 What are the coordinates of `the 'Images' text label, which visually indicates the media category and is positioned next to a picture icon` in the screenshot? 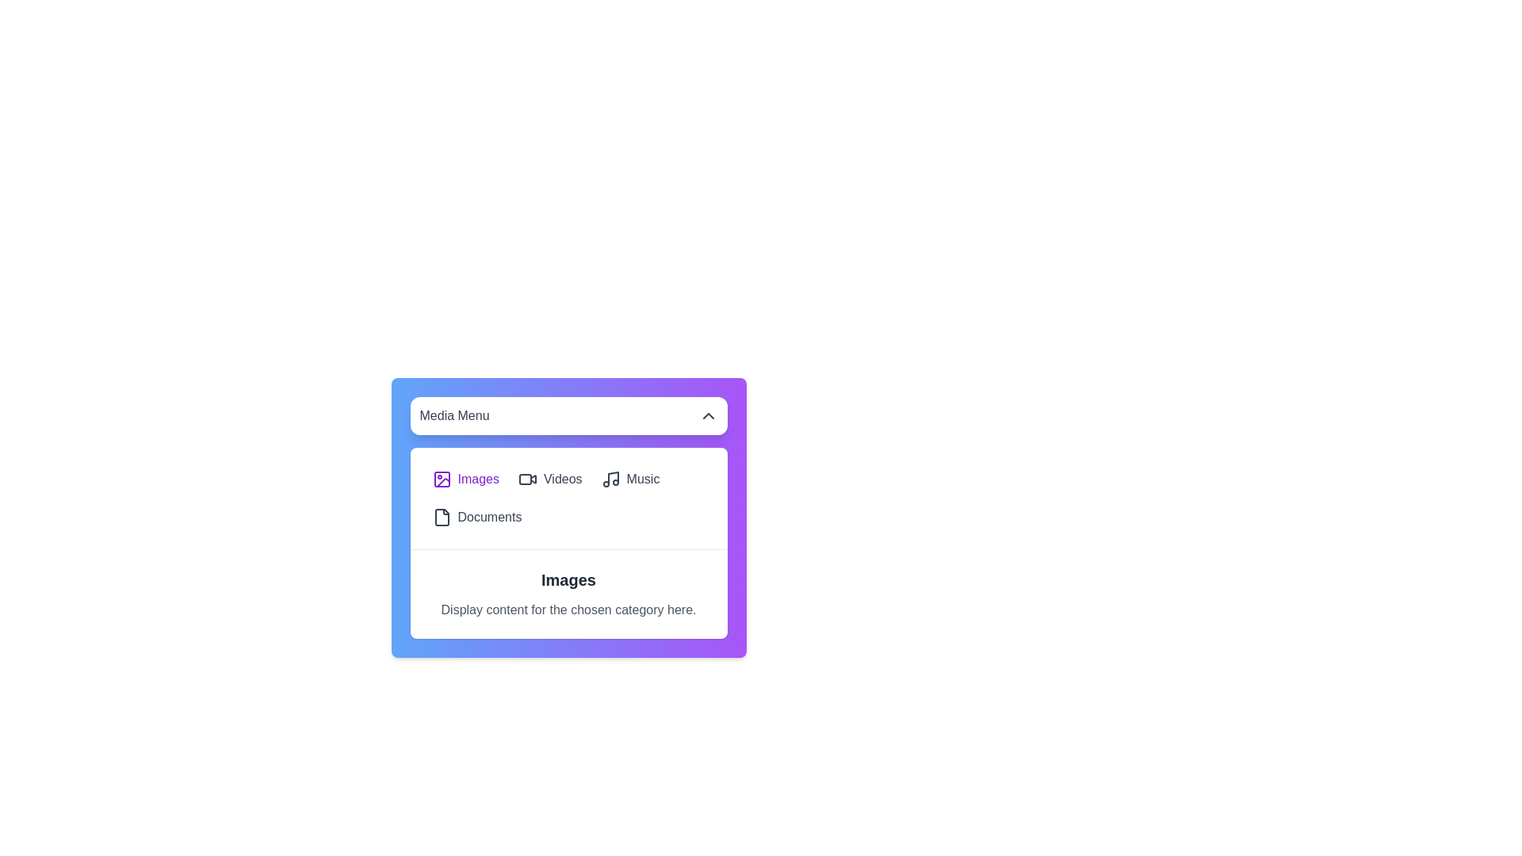 It's located at (477, 479).